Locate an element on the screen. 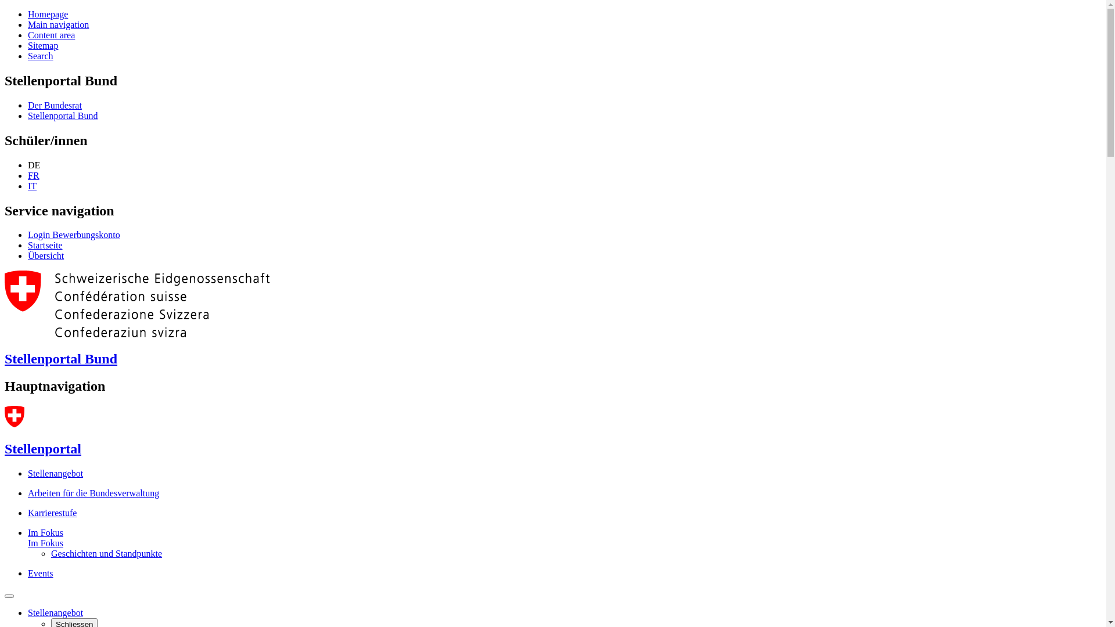 Image resolution: width=1115 pixels, height=627 pixels. 'Geschichten und Standpunkte' is located at coordinates (106, 553).